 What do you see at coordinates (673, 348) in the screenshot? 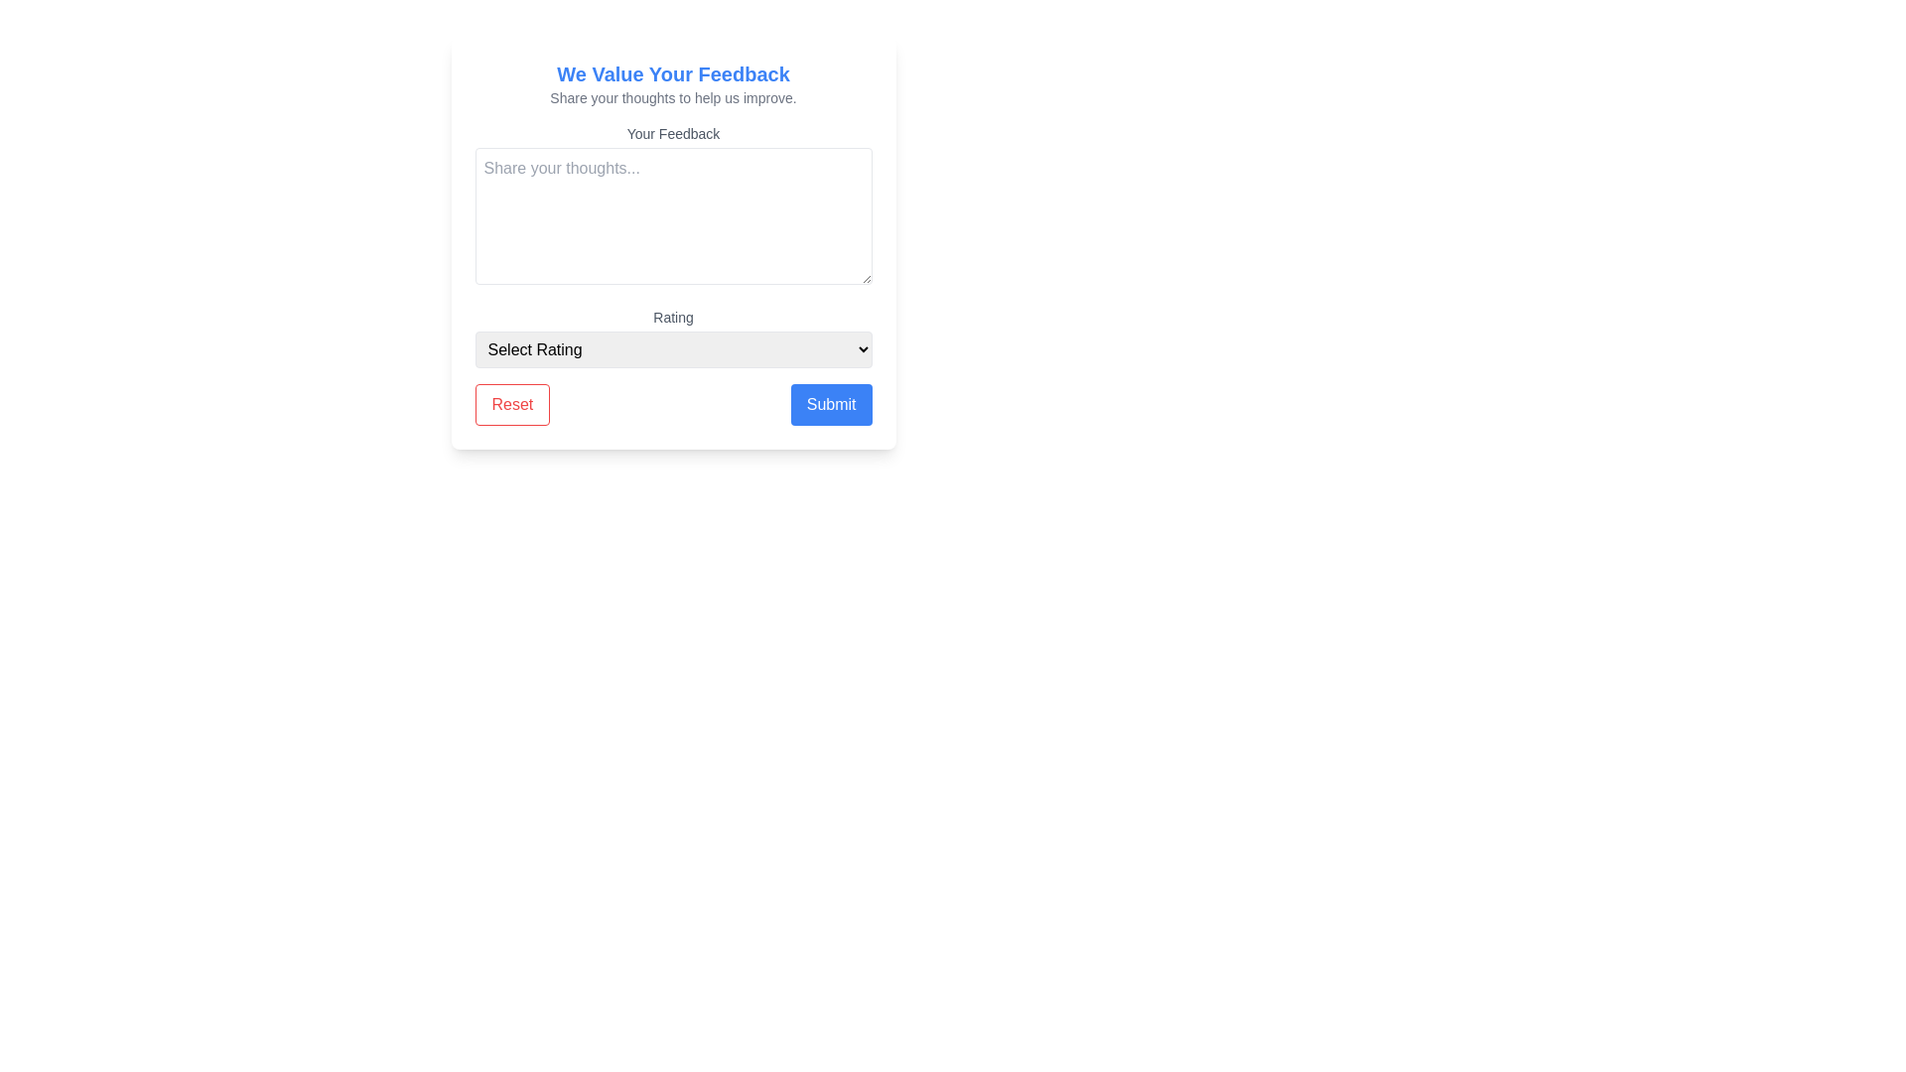
I see `a rating option from the dropdown menu located below the 'Rating' label, centered horizontally in the form layout` at bounding box center [673, 348].